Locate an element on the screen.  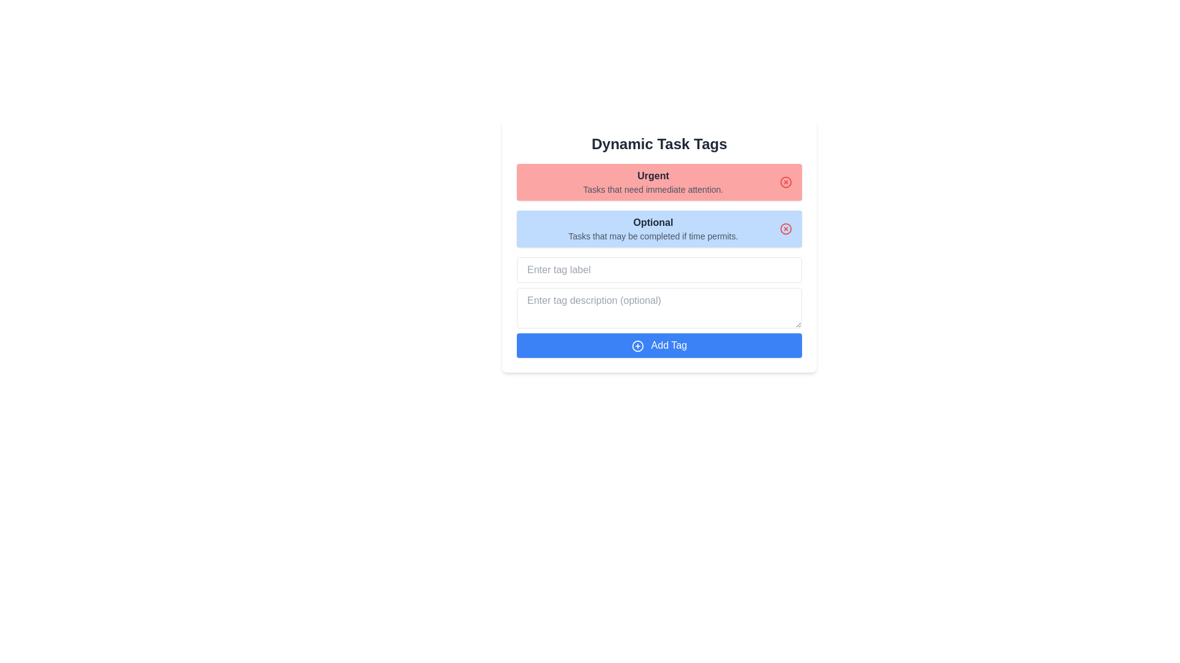
the Circle graphic element located at the center of the blue 'Add Tag' button at the bottom of the interface is located at coordinates (637, 346).